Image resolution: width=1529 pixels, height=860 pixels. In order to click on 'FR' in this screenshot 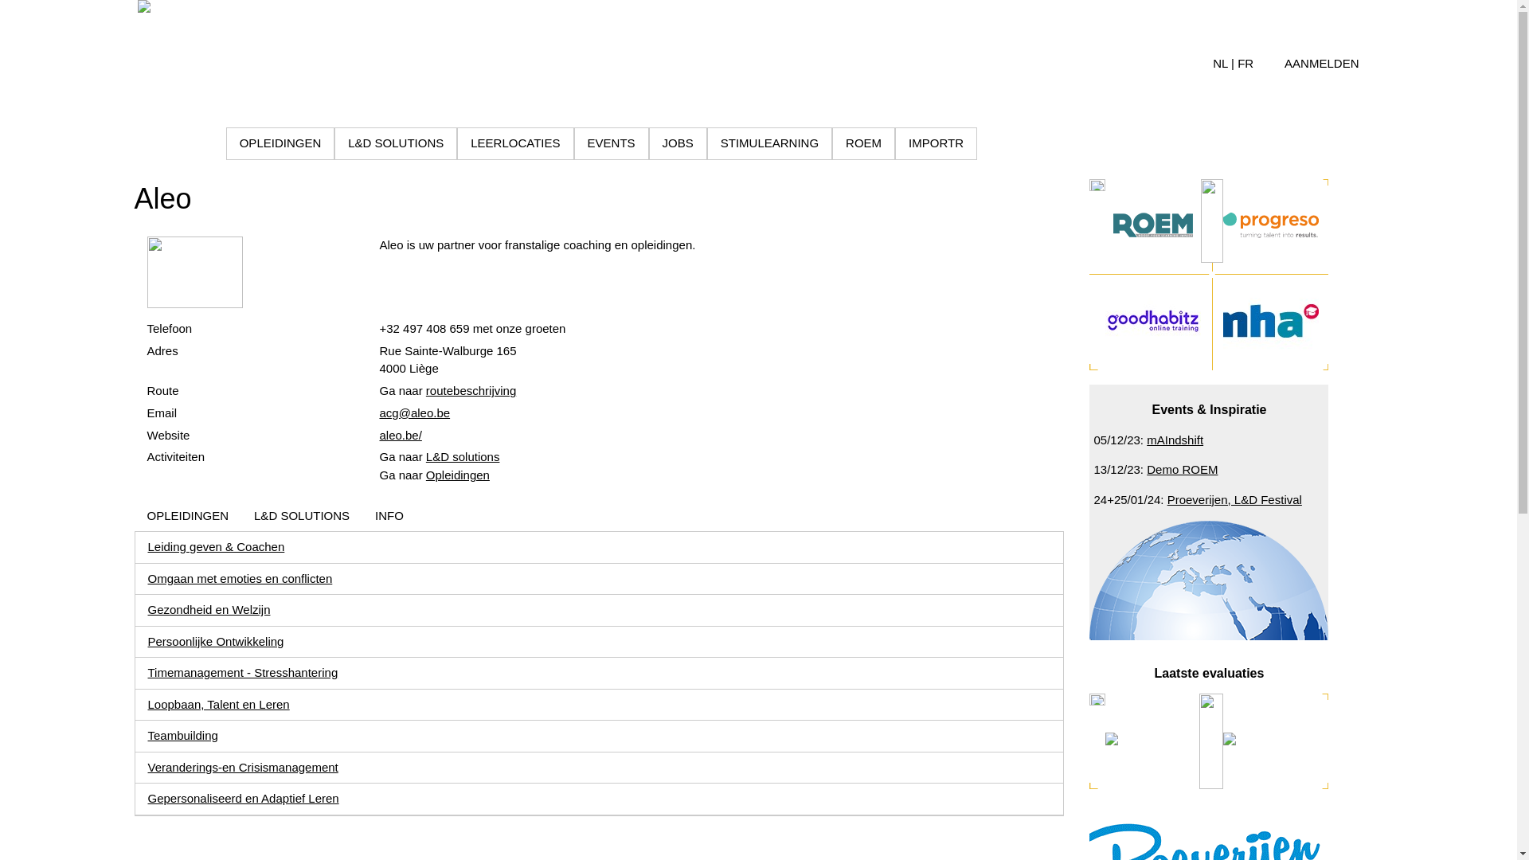, I will do `click(1245, 62)`.